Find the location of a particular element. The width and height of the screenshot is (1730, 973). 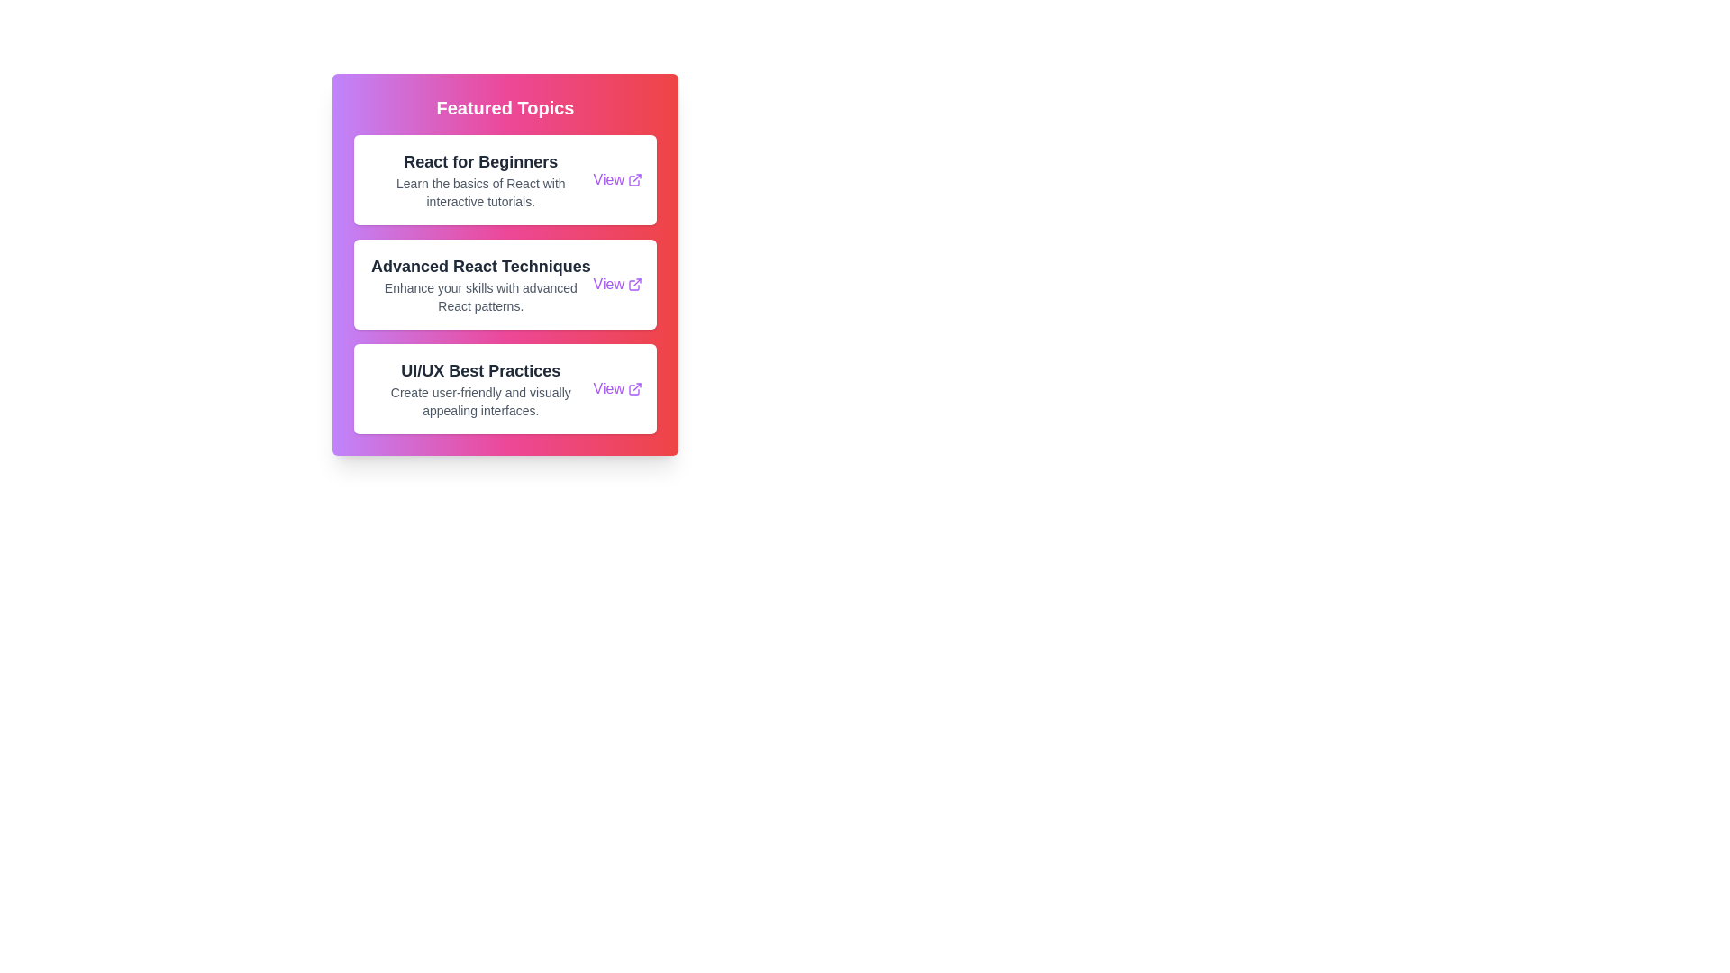

the text block that serves as a descriptive title and subtitle for advanced React techniques, located as the second card in the Featured Topics section, positioned below 'React for Beginners' and above 'UI/UX Best Practices' is located at coordinates (480, 284).